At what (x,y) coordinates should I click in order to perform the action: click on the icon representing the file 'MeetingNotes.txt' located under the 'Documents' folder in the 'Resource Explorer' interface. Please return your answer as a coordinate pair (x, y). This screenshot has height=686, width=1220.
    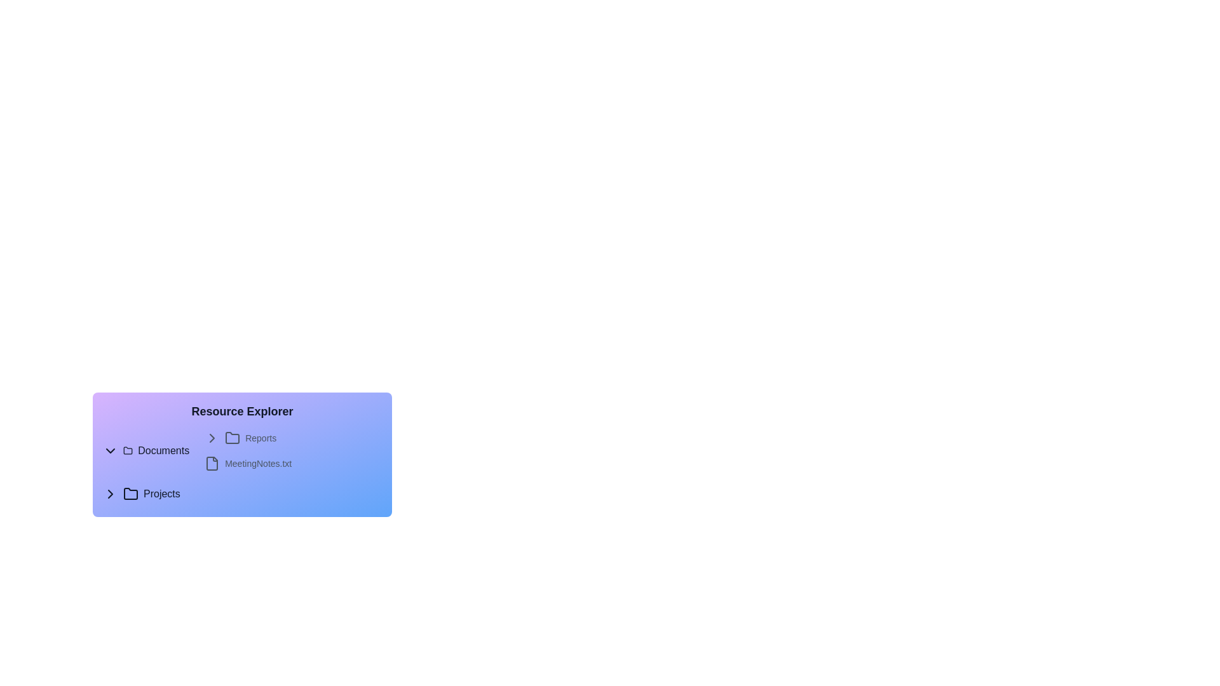
    Looking at the image, I should click on (212, 463).